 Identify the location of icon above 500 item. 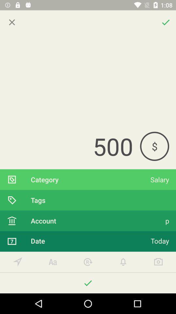
(12, 22).